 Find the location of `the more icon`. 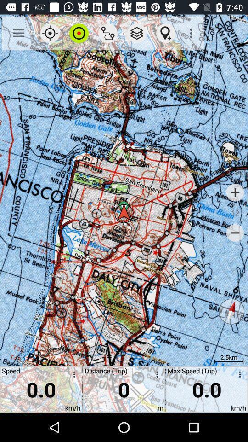

the more icon is located at coordinates (72, 376).